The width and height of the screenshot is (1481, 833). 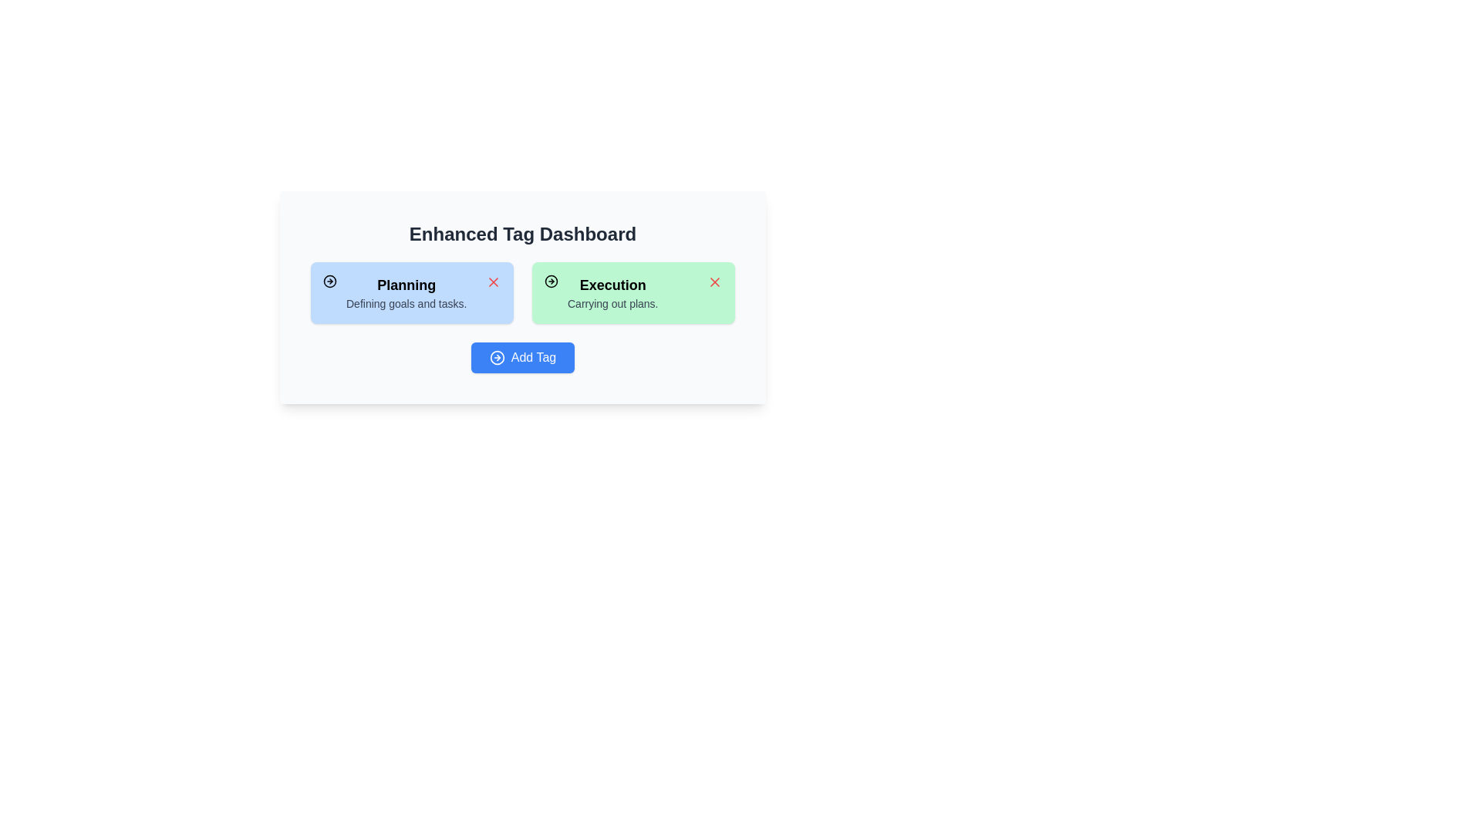 What do you see at coordinates (633, 293) in the screenshot?
I see `the second informational card representing the 'Execution' phase of a project in the task management interface` at bounding box center [633, 293].